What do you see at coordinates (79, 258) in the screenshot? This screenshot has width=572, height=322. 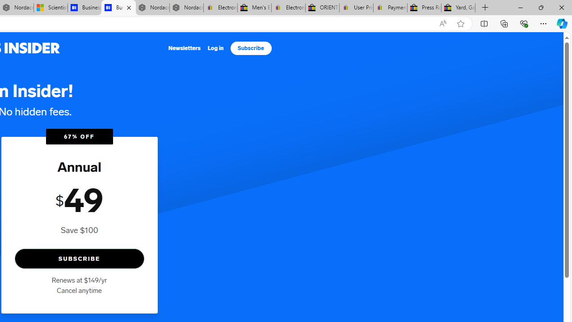 I see `'SUBSCRIBE'` at bounding box center [79, 258].